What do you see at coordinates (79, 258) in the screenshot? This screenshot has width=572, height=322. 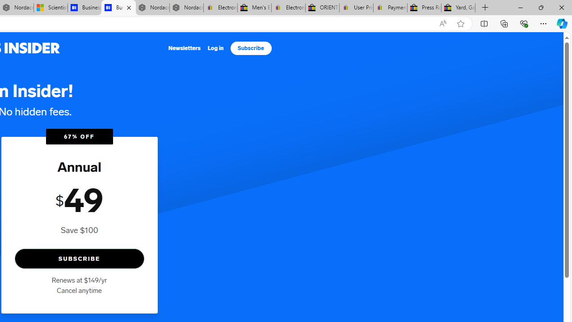 I see `'SUBSCRIBE'` at bounding box center [79, 258].